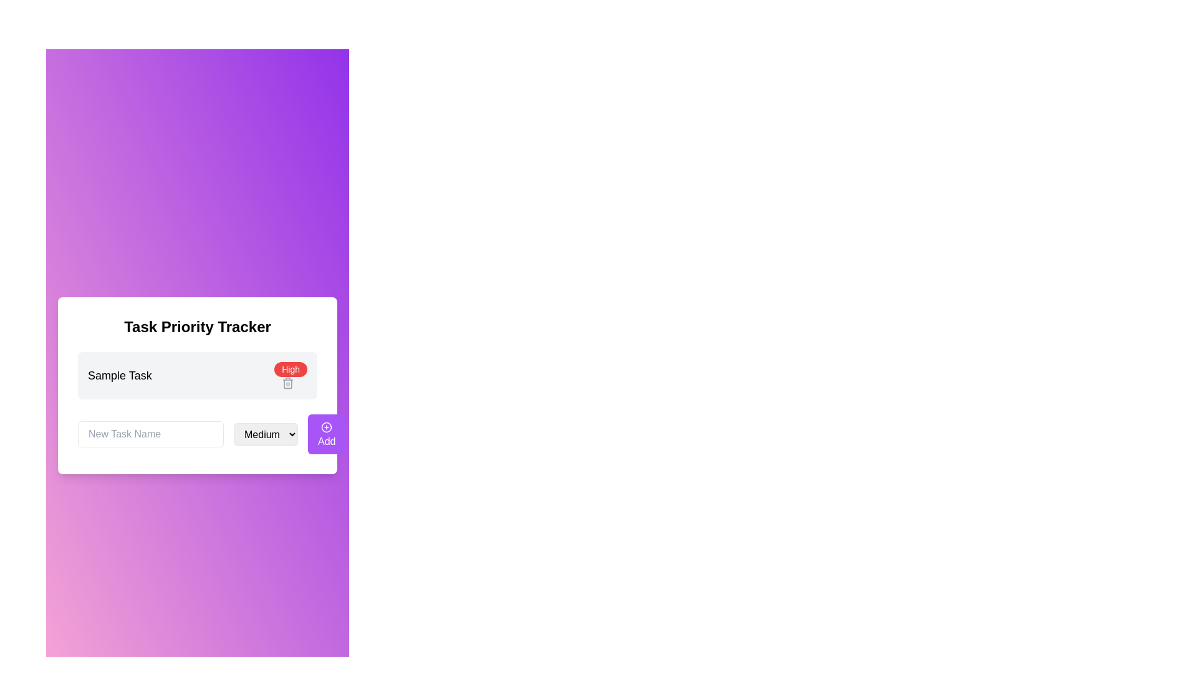 Image resolution: width=1197 pixels, height=673 pixels. I want to click on the delete button icon located to the right of the 'High' priority label within the task card, so click(287, 382).